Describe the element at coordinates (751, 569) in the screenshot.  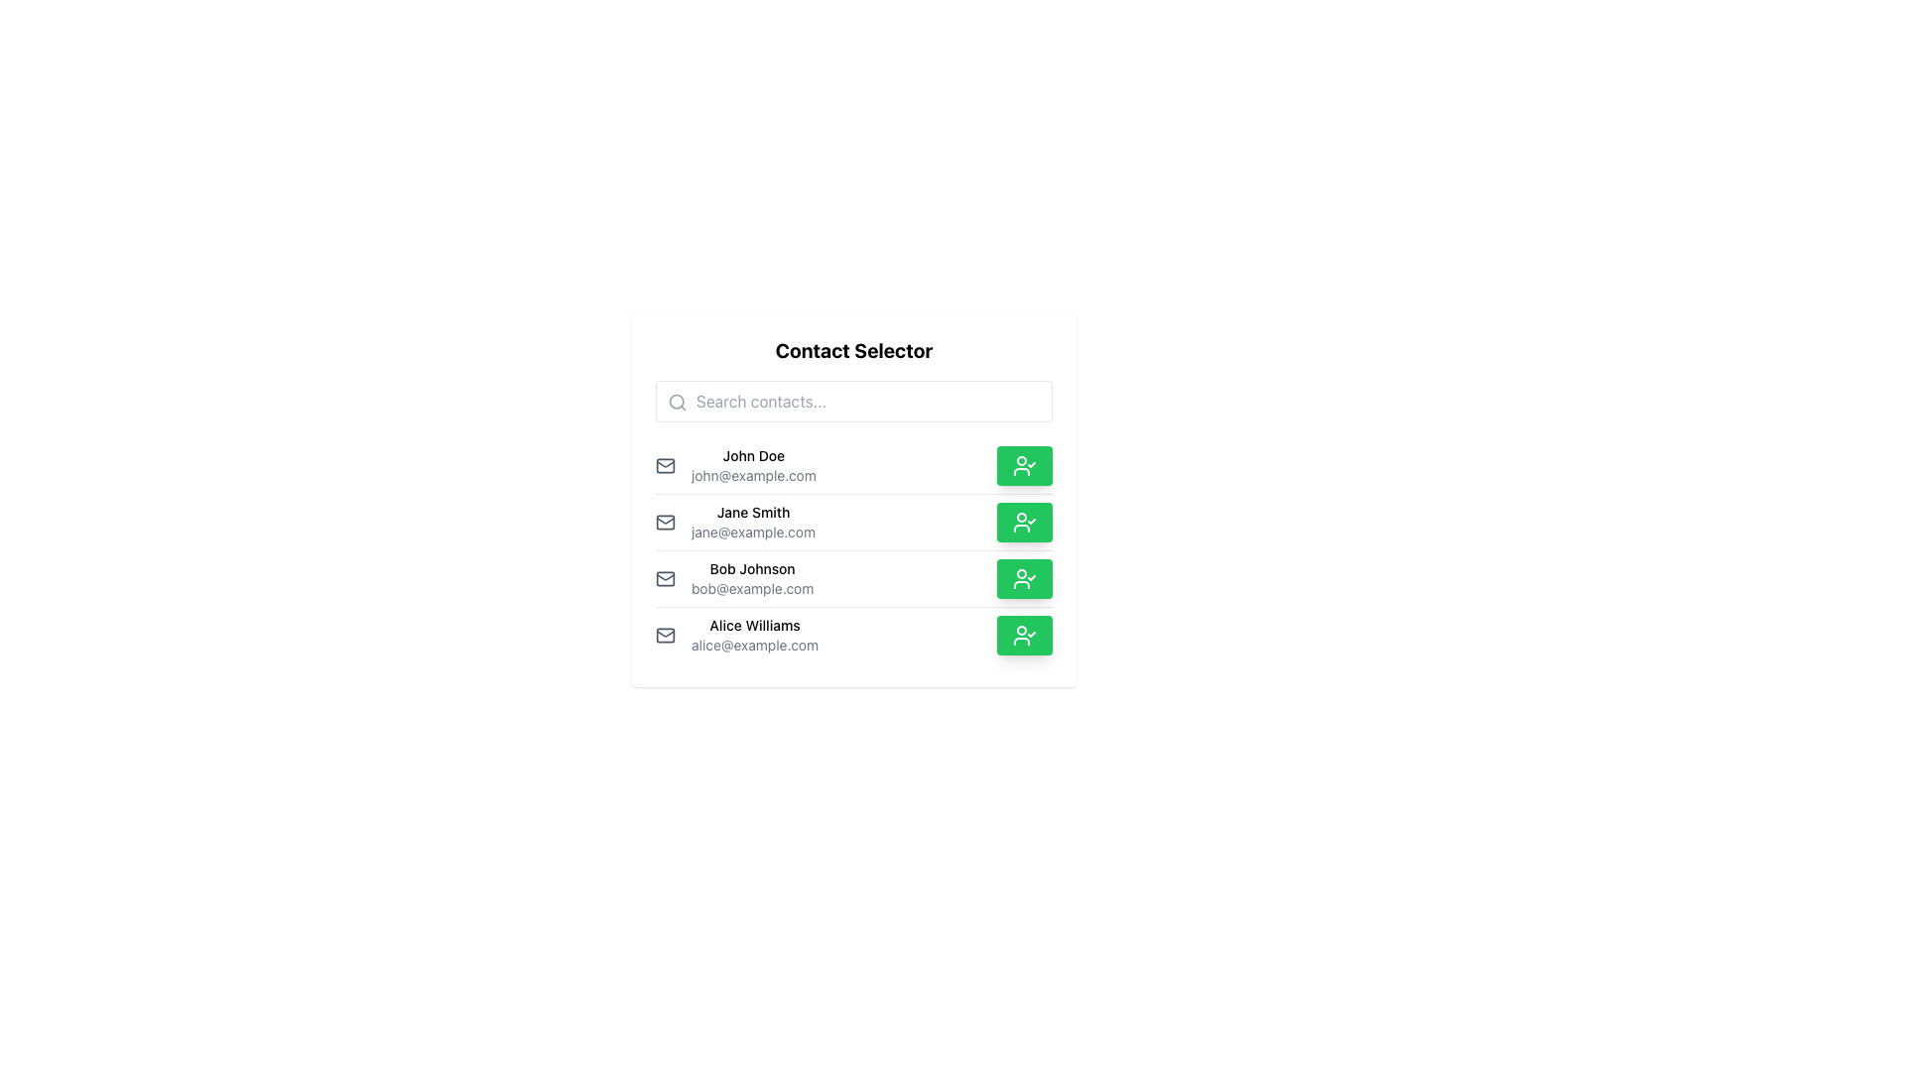
I see `the Static Text Label displaying 'Bob Johnson', which is located in the third row of the list, above the email address 'bob@example.com'` at that location.